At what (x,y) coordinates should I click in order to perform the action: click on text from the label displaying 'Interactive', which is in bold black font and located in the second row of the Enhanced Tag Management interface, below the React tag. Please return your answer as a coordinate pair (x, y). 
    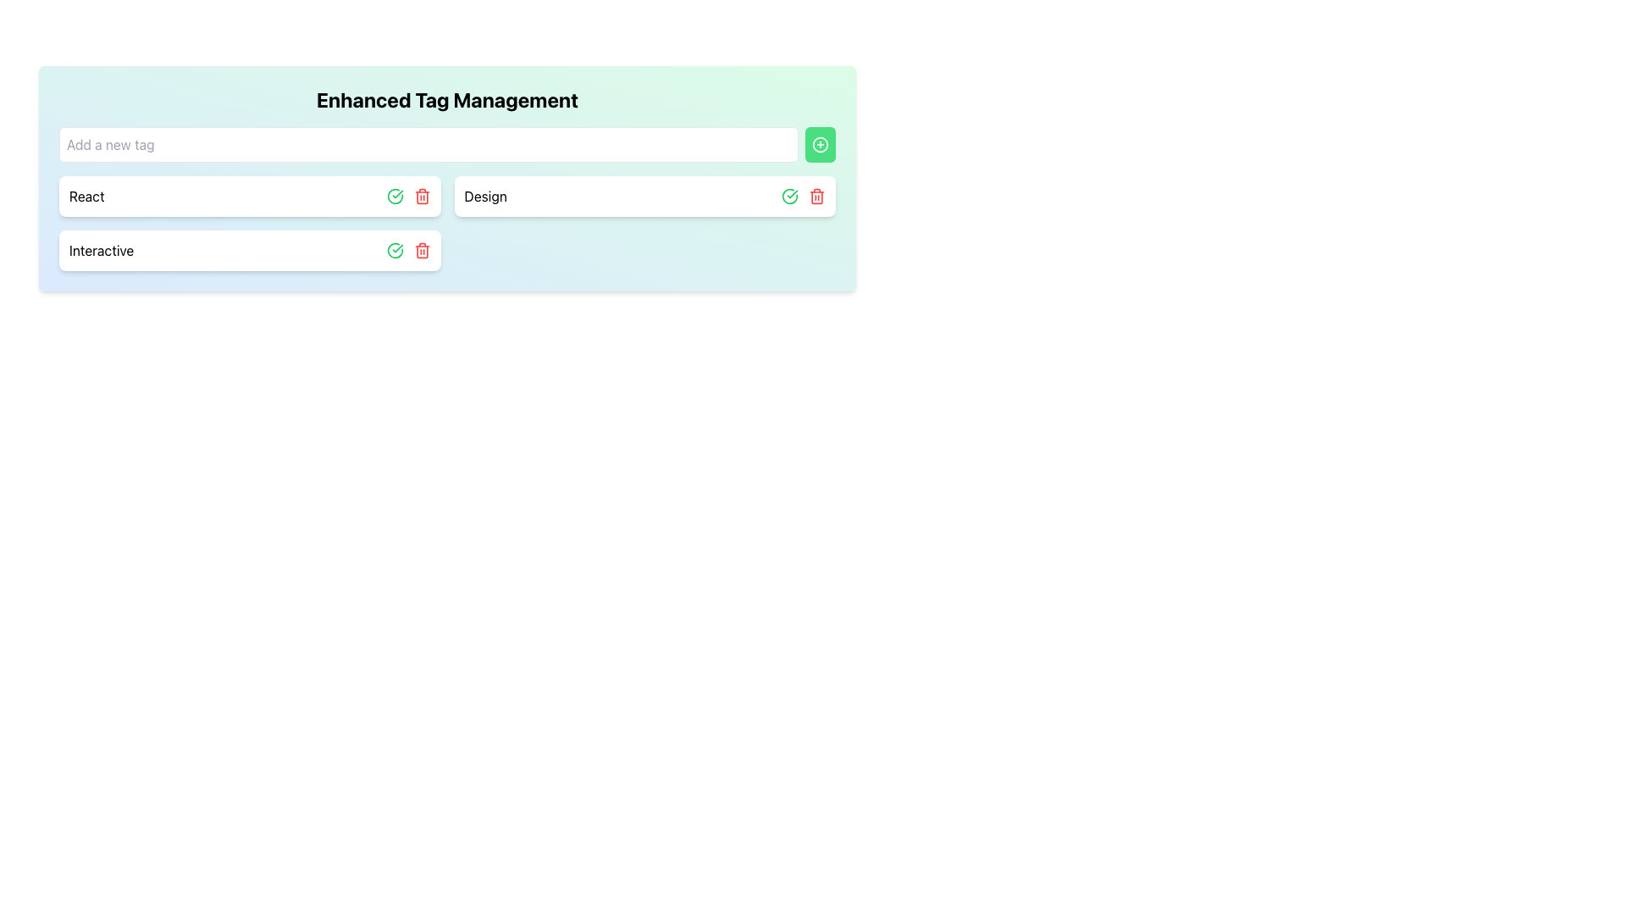
    Looking at the image, I should click on (101, 251).